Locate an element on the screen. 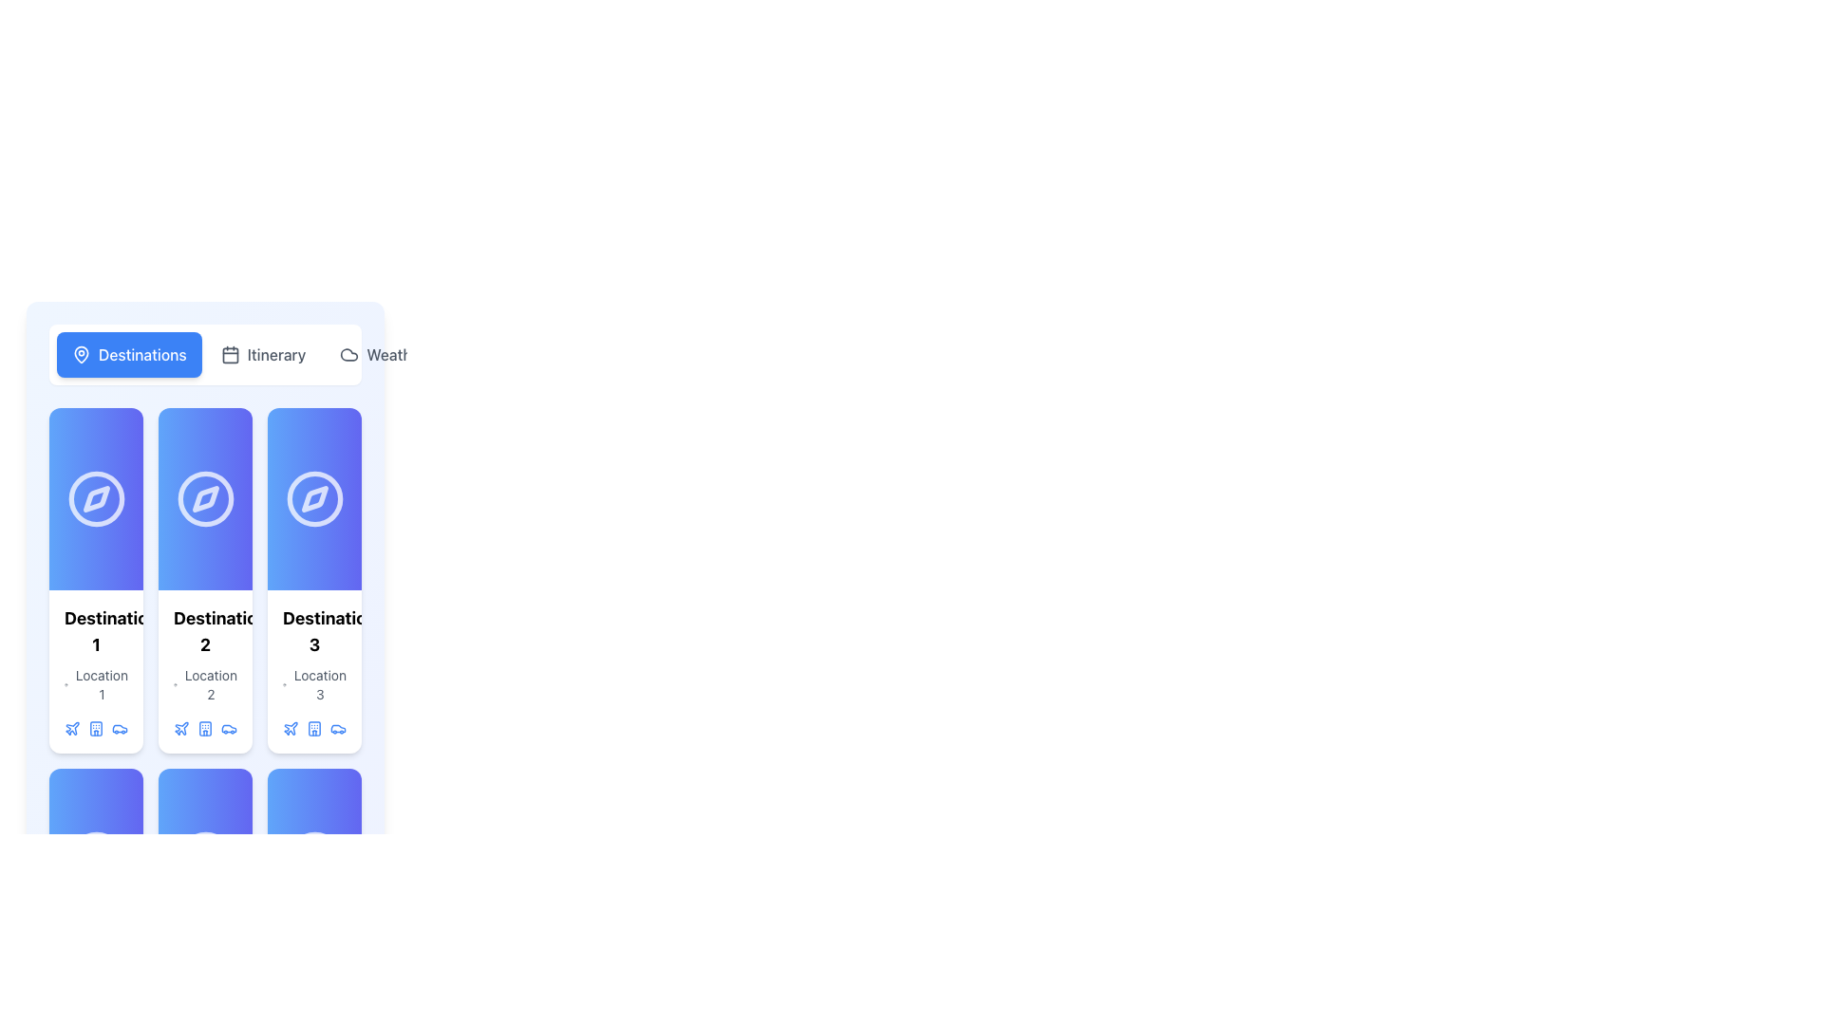 This screenshot has height=1025, width=1823. the small map pin icon located to the left of the 'Location 1' text in the first item of the list under the 'Destinations' tab is located at coordinates (66, 684).